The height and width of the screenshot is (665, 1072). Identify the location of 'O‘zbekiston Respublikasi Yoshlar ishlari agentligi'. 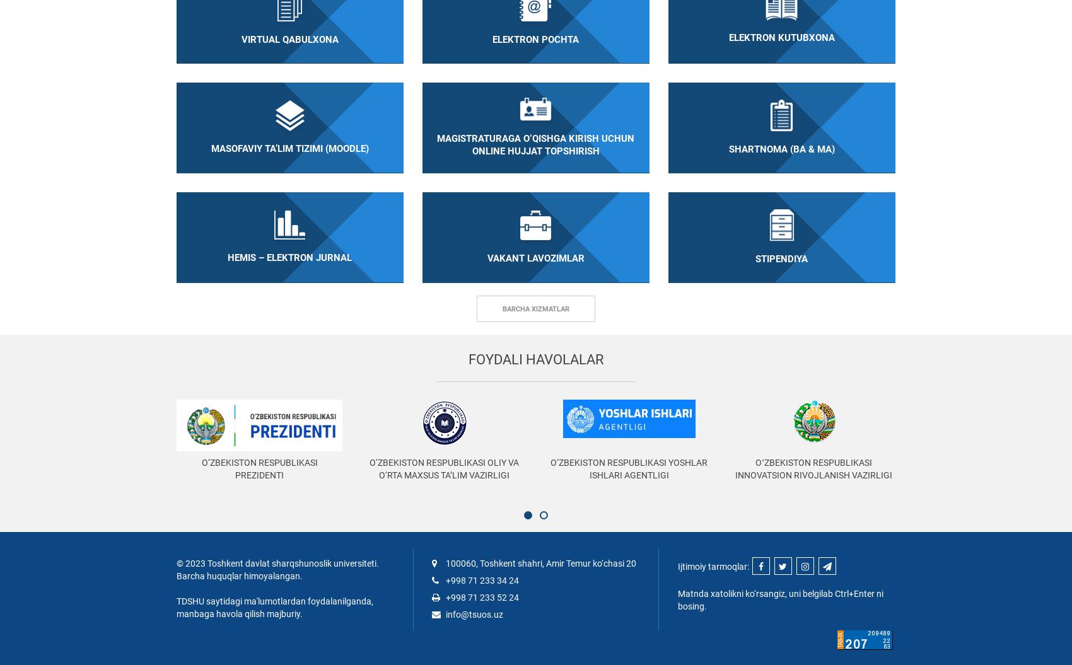
(628, 468).